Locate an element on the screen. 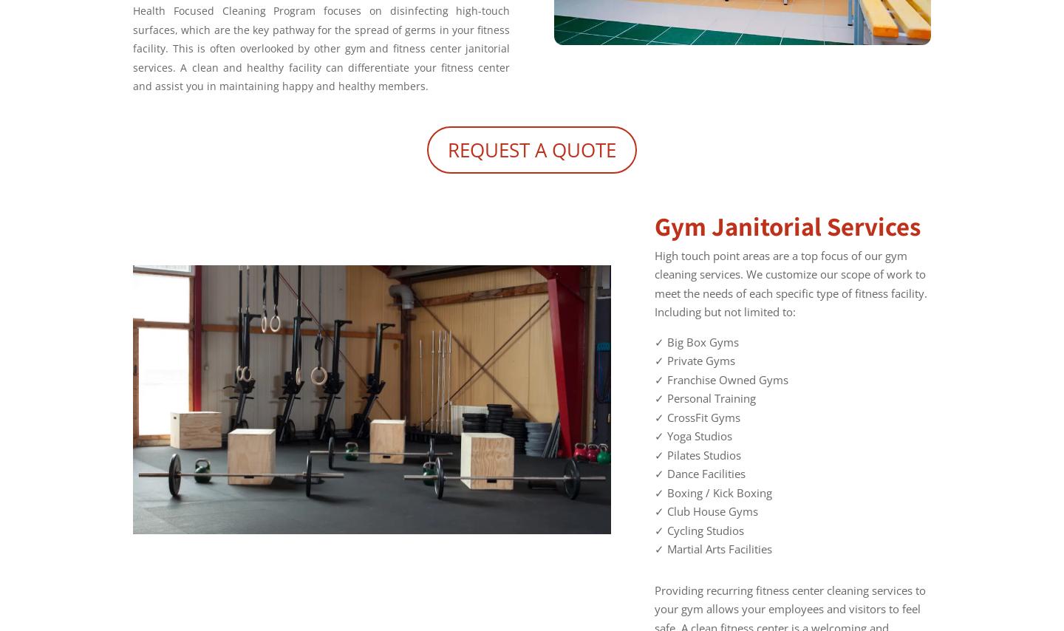 The height and width of the screenshot is (631, 1064). '✓ CrossFit Gyms' is located at coordinates (698, 415).